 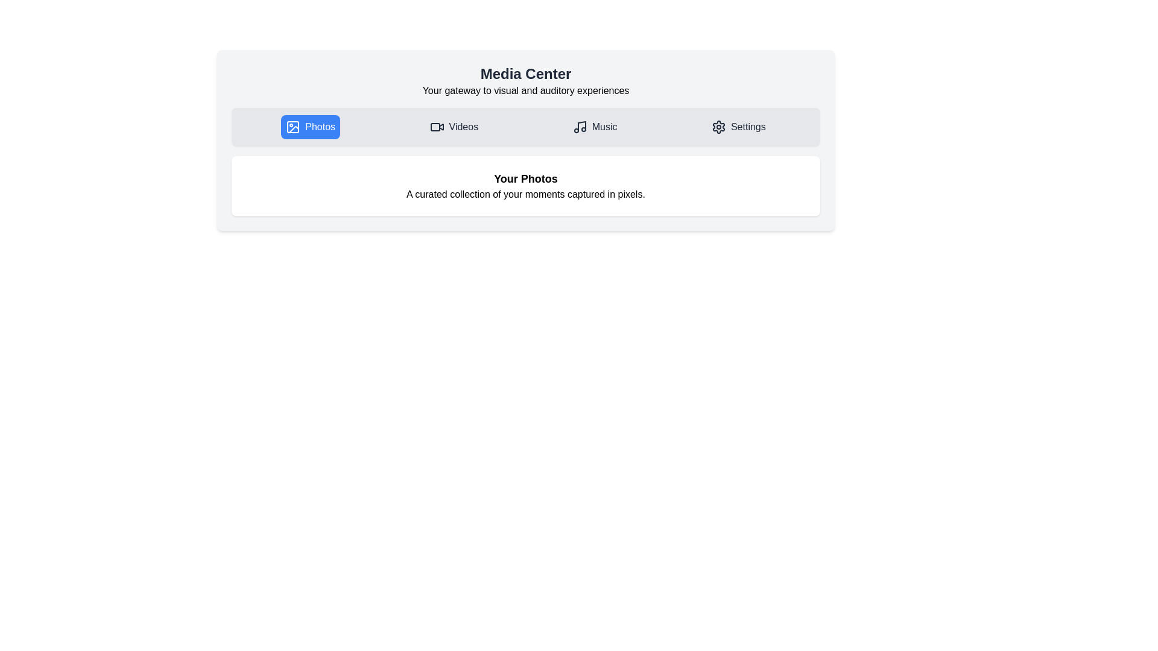 What do you see at coordinates (526, 90) in the screenshot?
I see `tagline or description text located below the bold header 'Media Center', which is centered horizontally in the main section of the interface` at bounding box center [526, 90].